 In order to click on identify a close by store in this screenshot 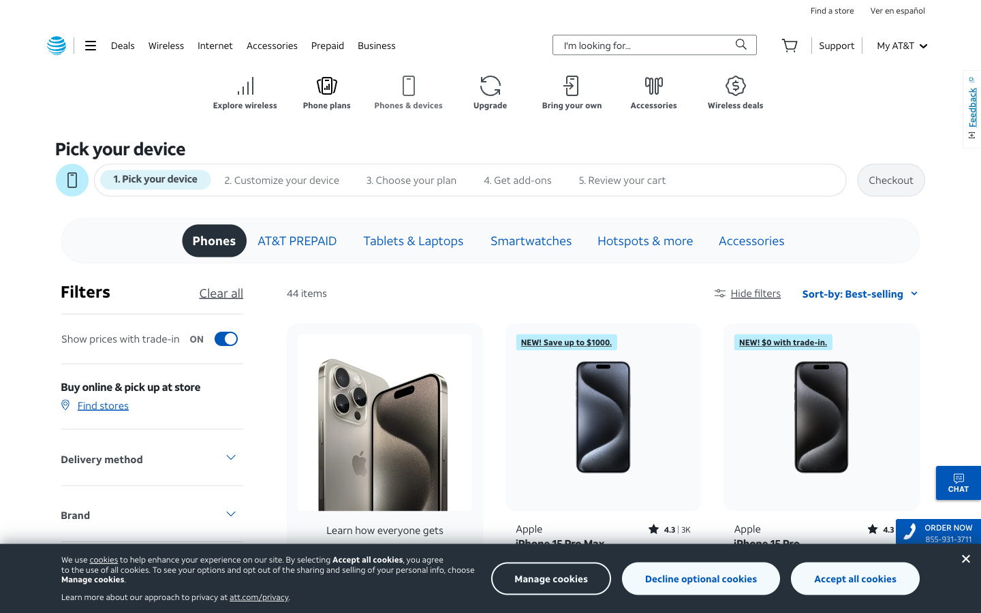, I will do `click(831, 10)`.